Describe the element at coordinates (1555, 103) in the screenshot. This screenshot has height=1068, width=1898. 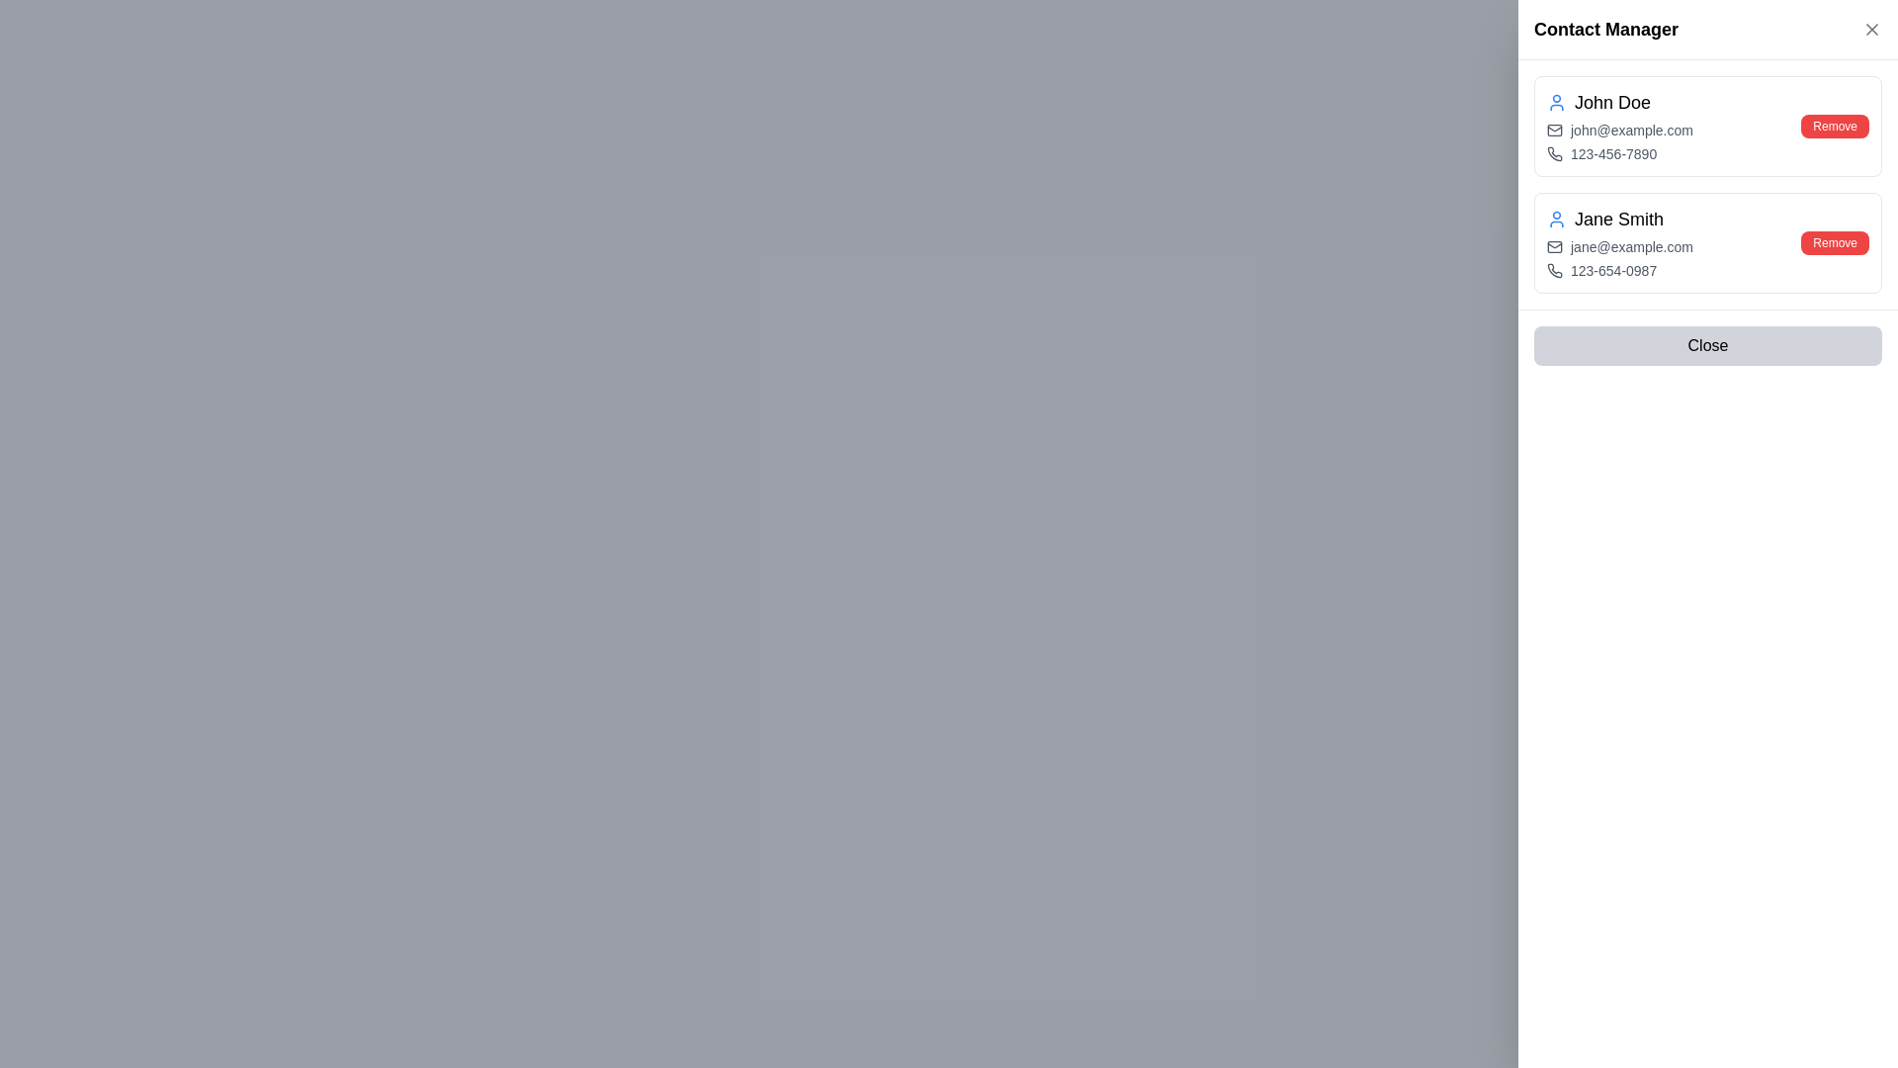
I see `the blue user silhouette SVG icon located at the top-left side of 'John Doe's contact information` at that location.